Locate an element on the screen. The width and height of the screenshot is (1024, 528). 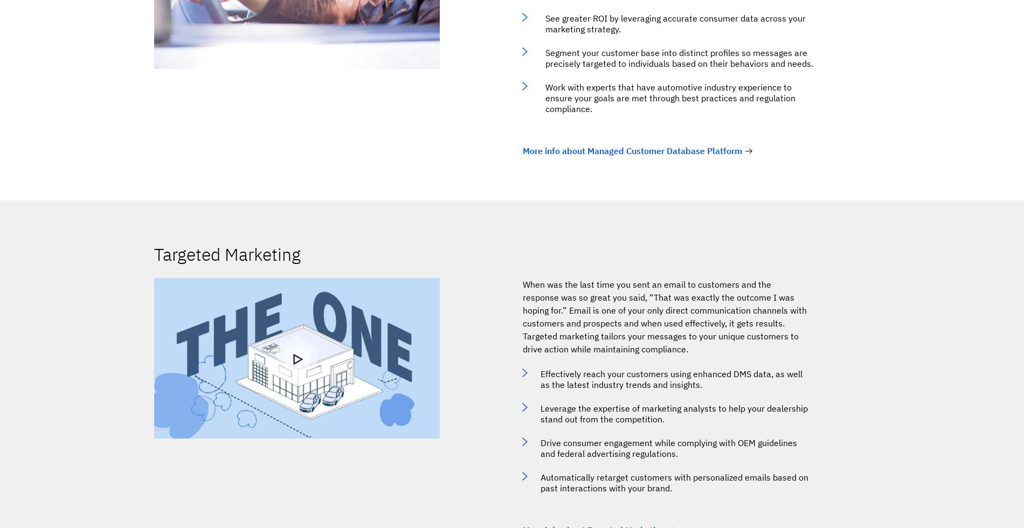
'Leverage the expertise of marketing analysts to help your dealership stand out from the competition.' is located at coordinates (673, 414).